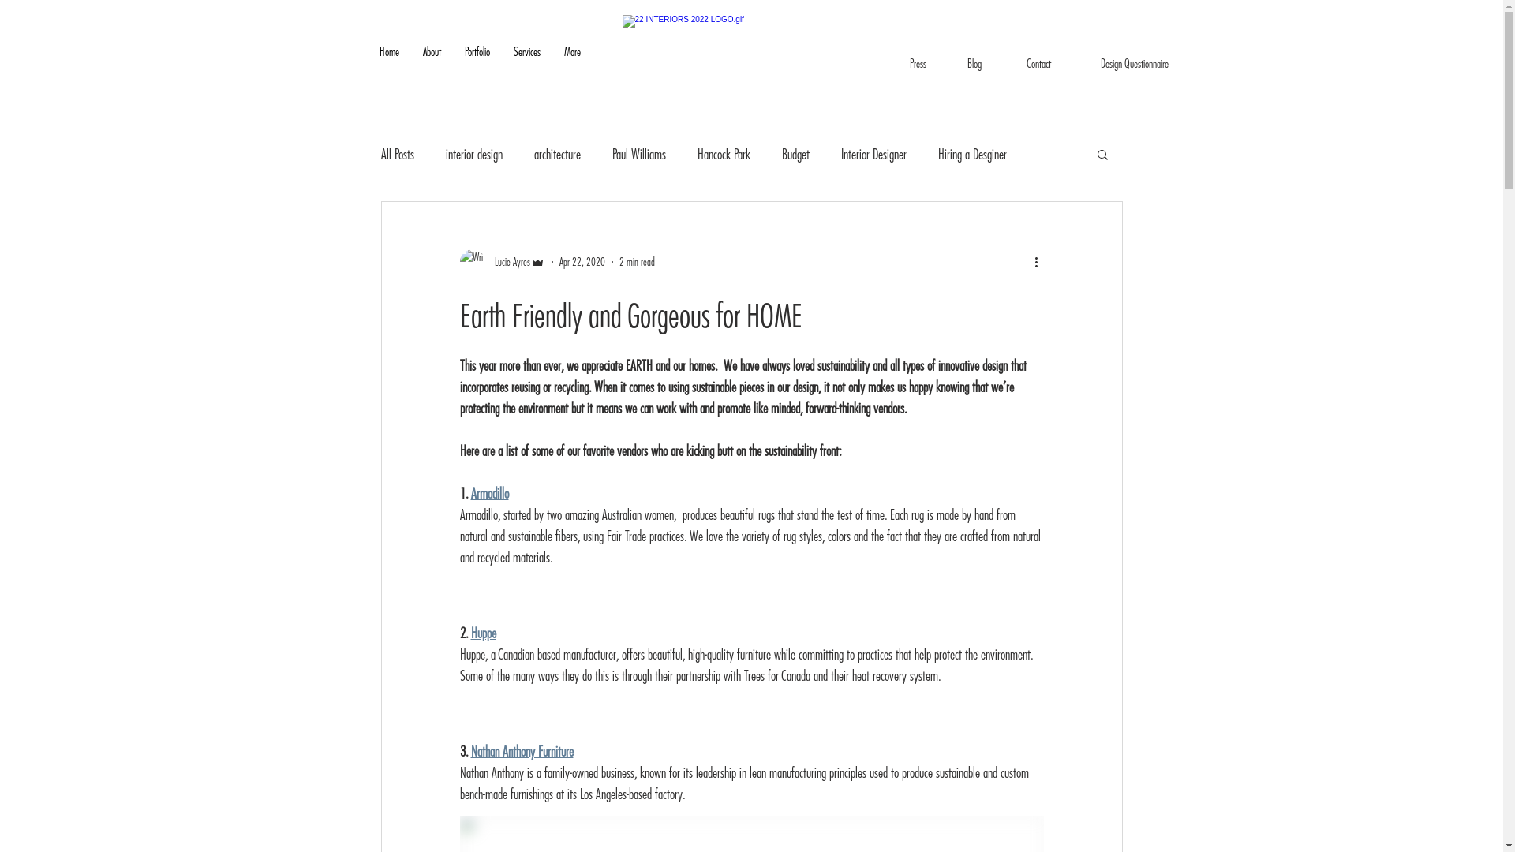 This screenshot has width=1515, height=852. Describe the element at coordinates (431, 62) in the screenshot. I see `'About'` at that location.